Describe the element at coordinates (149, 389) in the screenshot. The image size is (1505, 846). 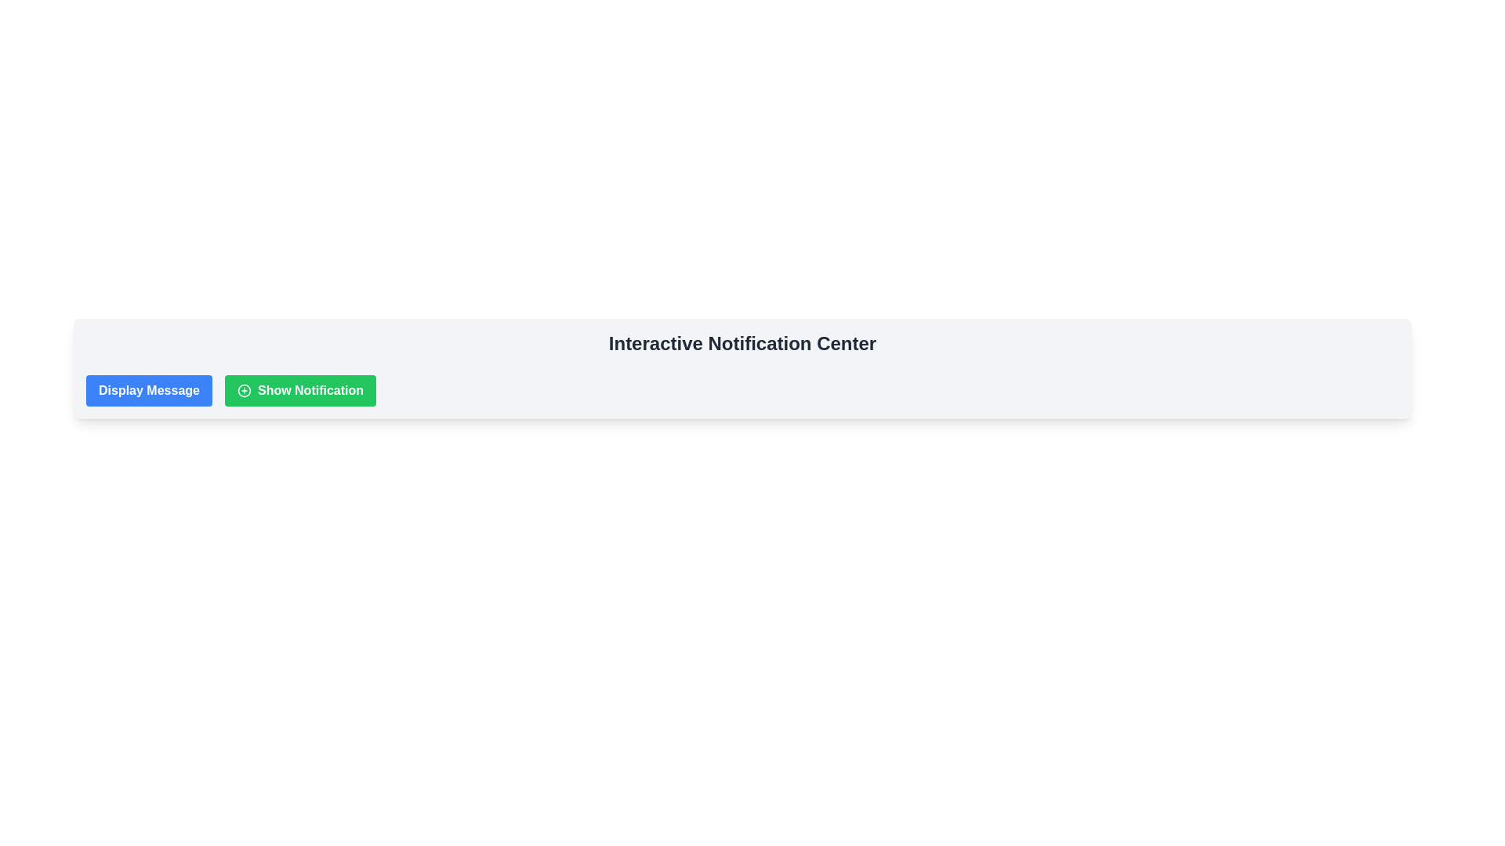
I see `the button labeled 'Display Message'` at that location.